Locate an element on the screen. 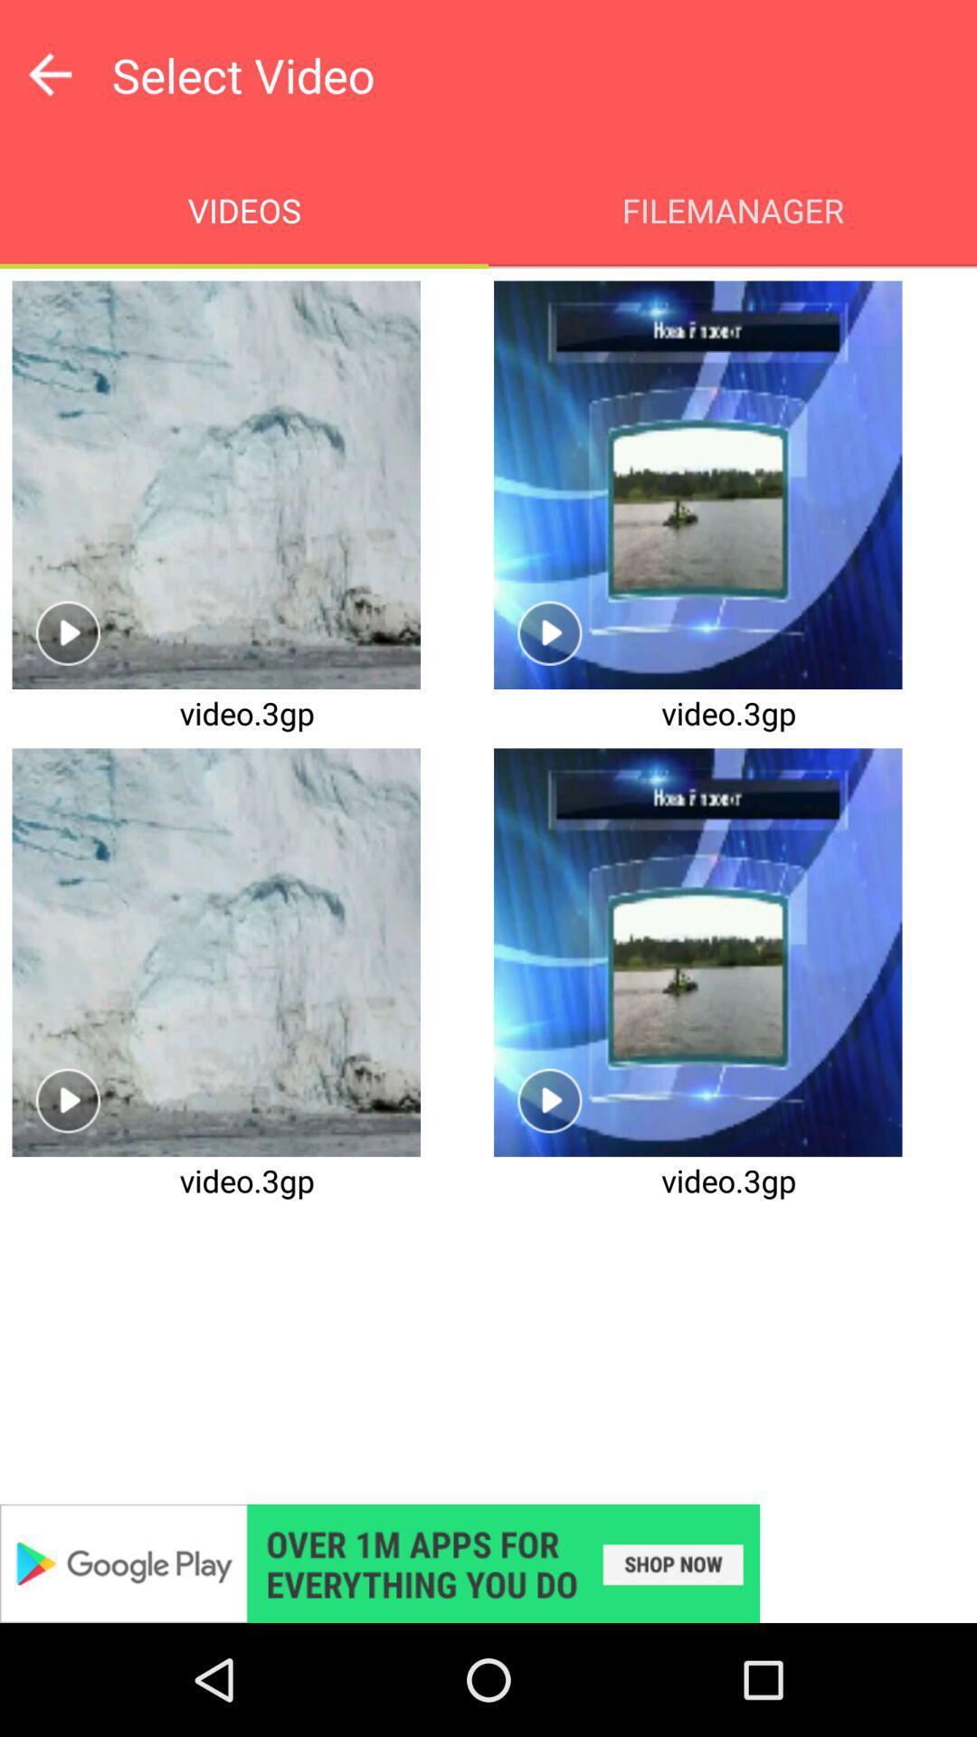 Image resolution: width=977 pixels, height=1737 pixels. google play over 1m apps for everthing you do shop now is located at coordinates (488, 1562).